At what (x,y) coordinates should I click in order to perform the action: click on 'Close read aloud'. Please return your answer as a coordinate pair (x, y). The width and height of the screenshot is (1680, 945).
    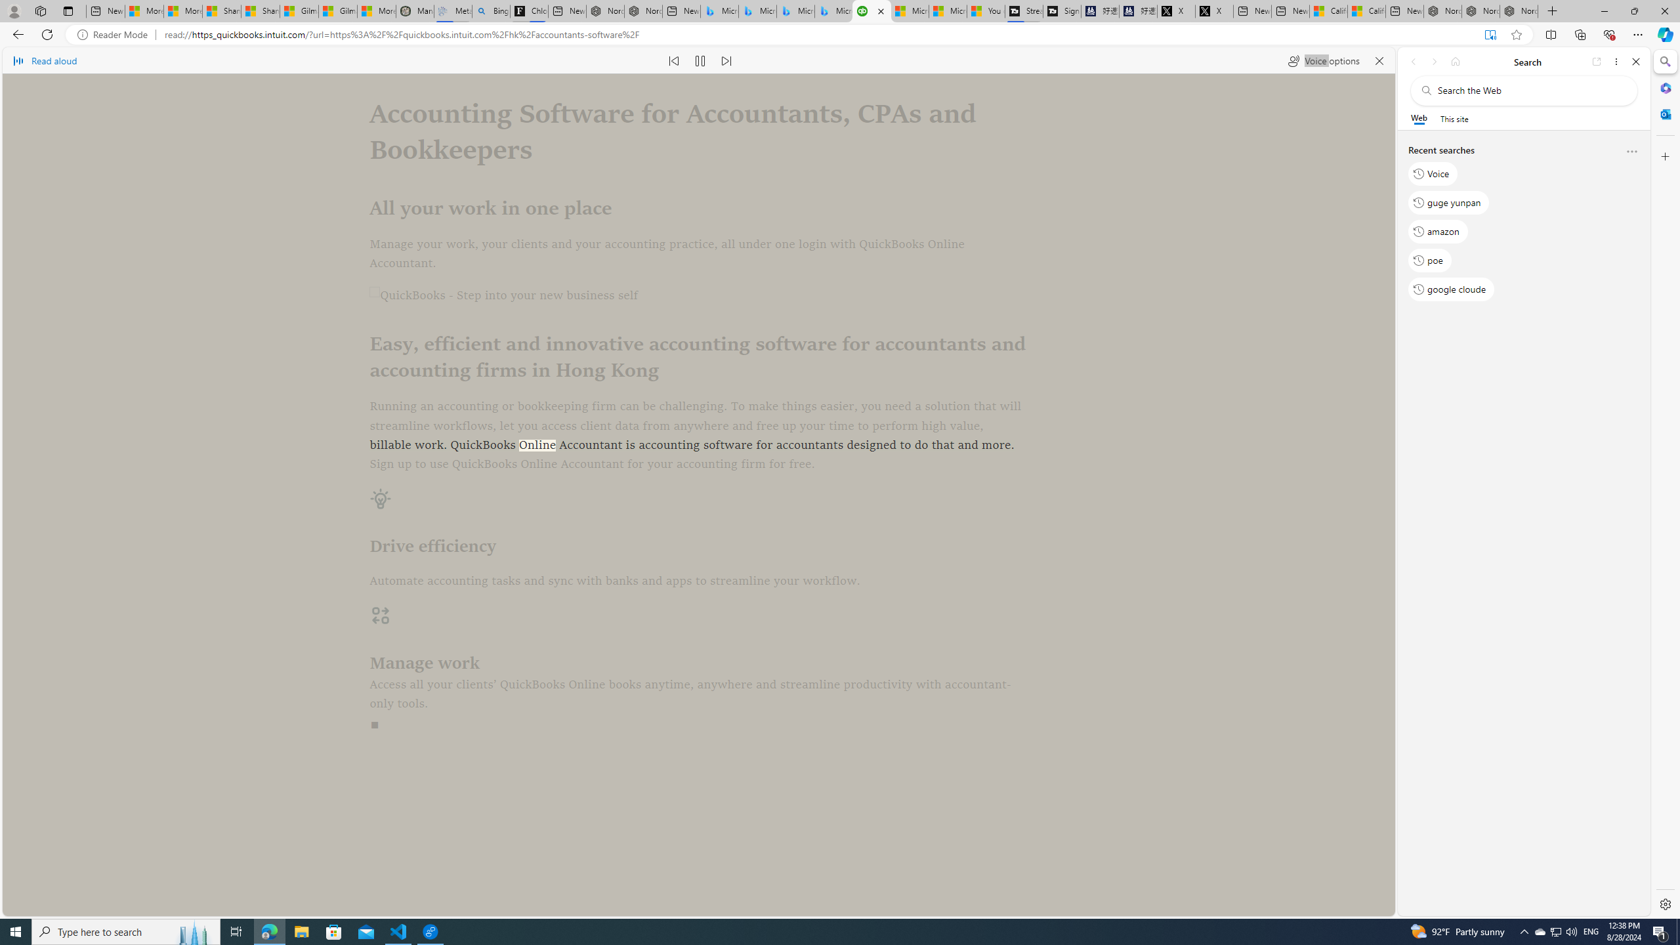
    Looking at the image, I should click on (1378, 60).